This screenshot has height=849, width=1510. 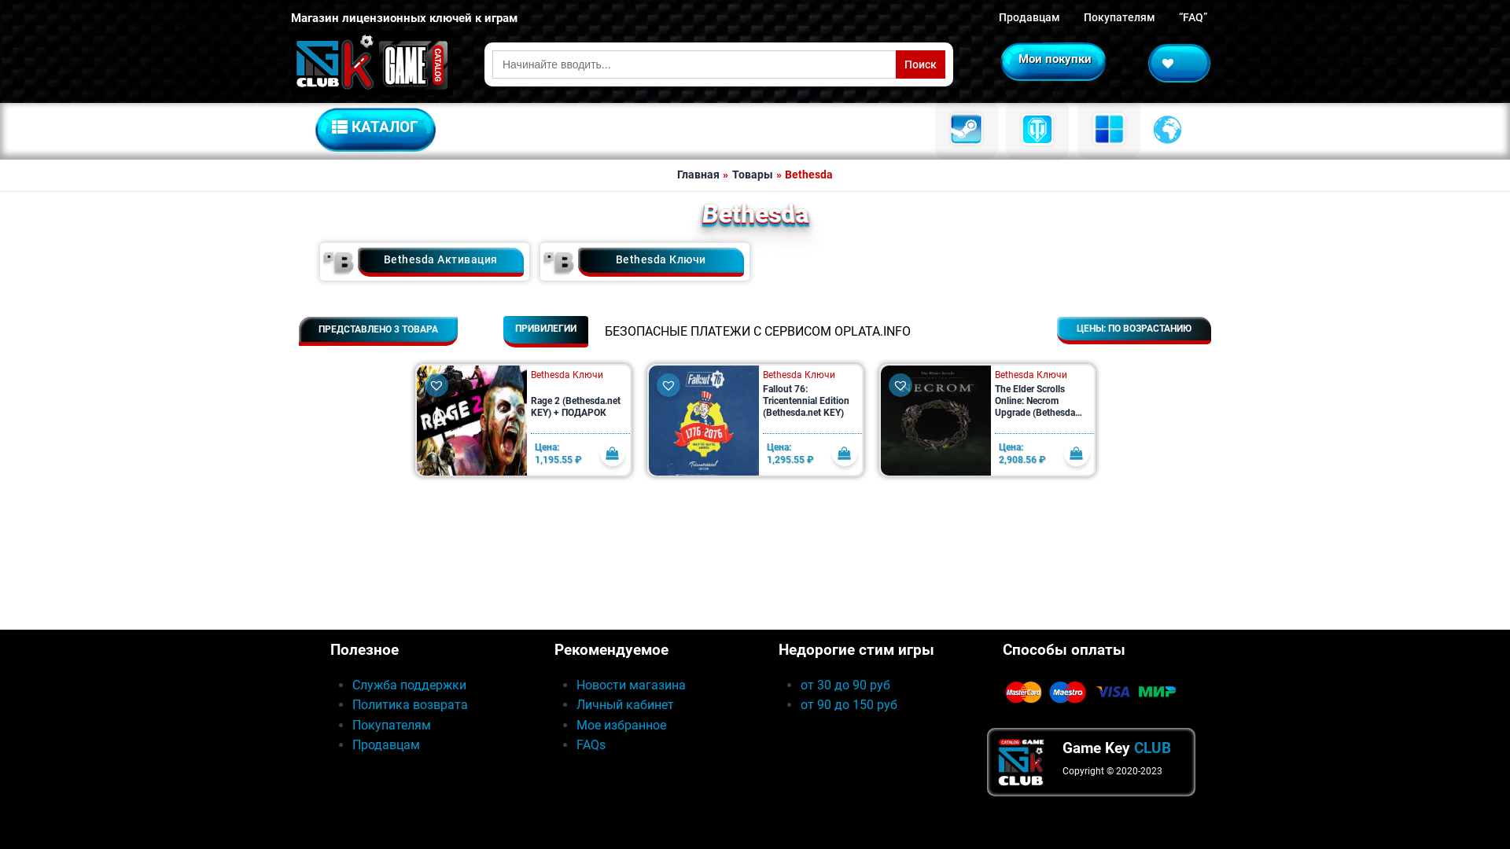 What do you see at coordinates (576, 744) in the screenshot?
I see `'FAQs'` at bounding box center [576, 744].